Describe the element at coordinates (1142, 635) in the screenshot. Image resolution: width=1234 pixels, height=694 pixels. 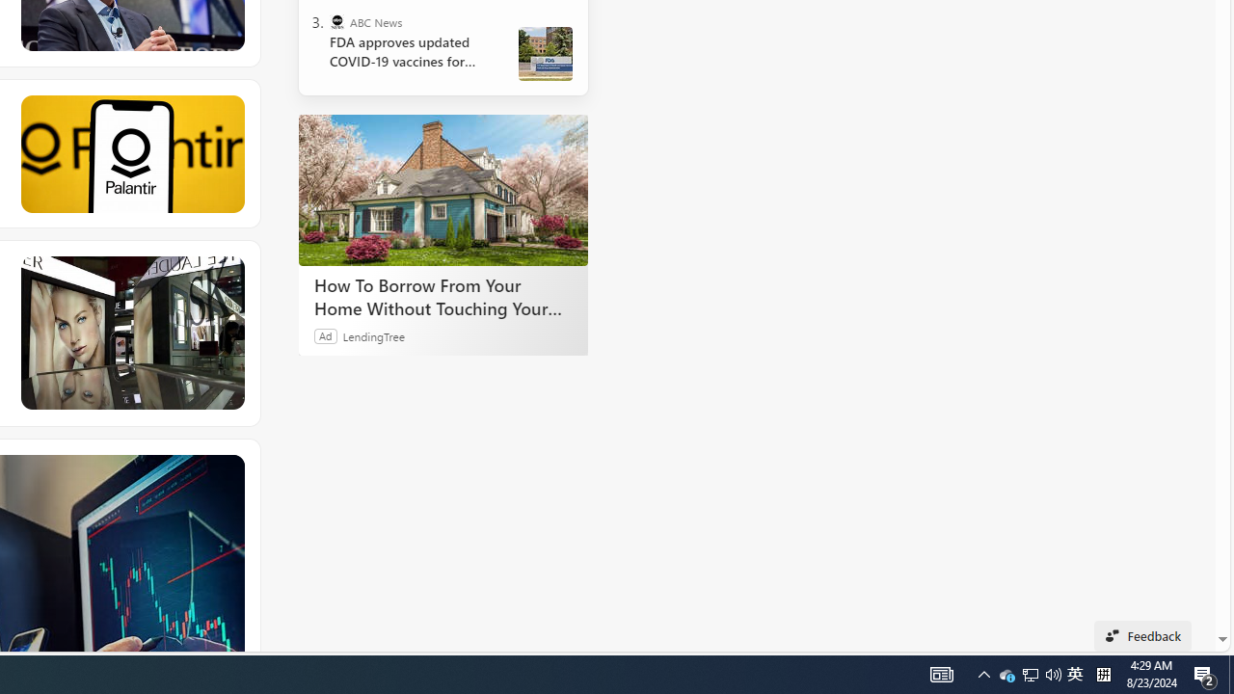
I see `'Feedback'` at that location.